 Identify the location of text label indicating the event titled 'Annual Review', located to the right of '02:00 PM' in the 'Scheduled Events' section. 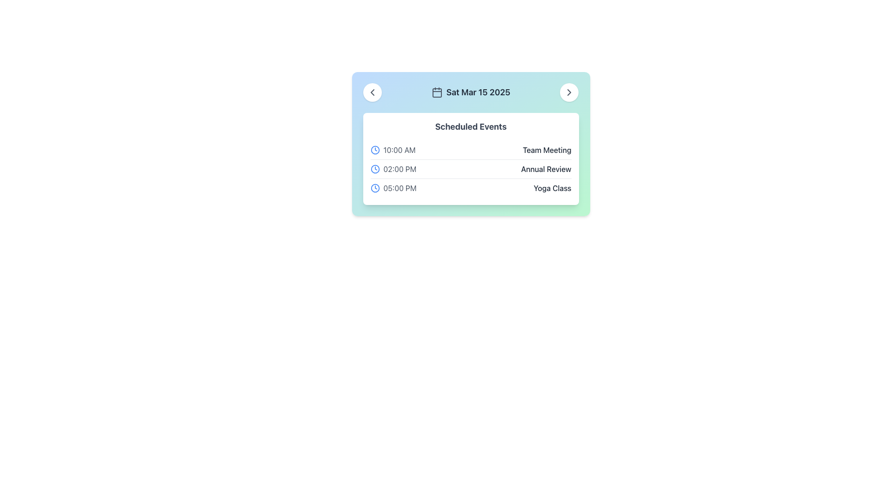
(546, 169).